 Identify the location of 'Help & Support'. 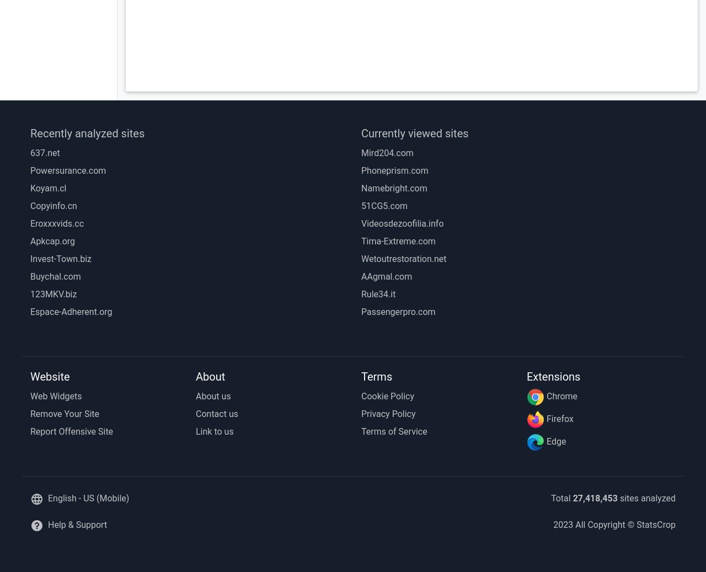
(77, 525).